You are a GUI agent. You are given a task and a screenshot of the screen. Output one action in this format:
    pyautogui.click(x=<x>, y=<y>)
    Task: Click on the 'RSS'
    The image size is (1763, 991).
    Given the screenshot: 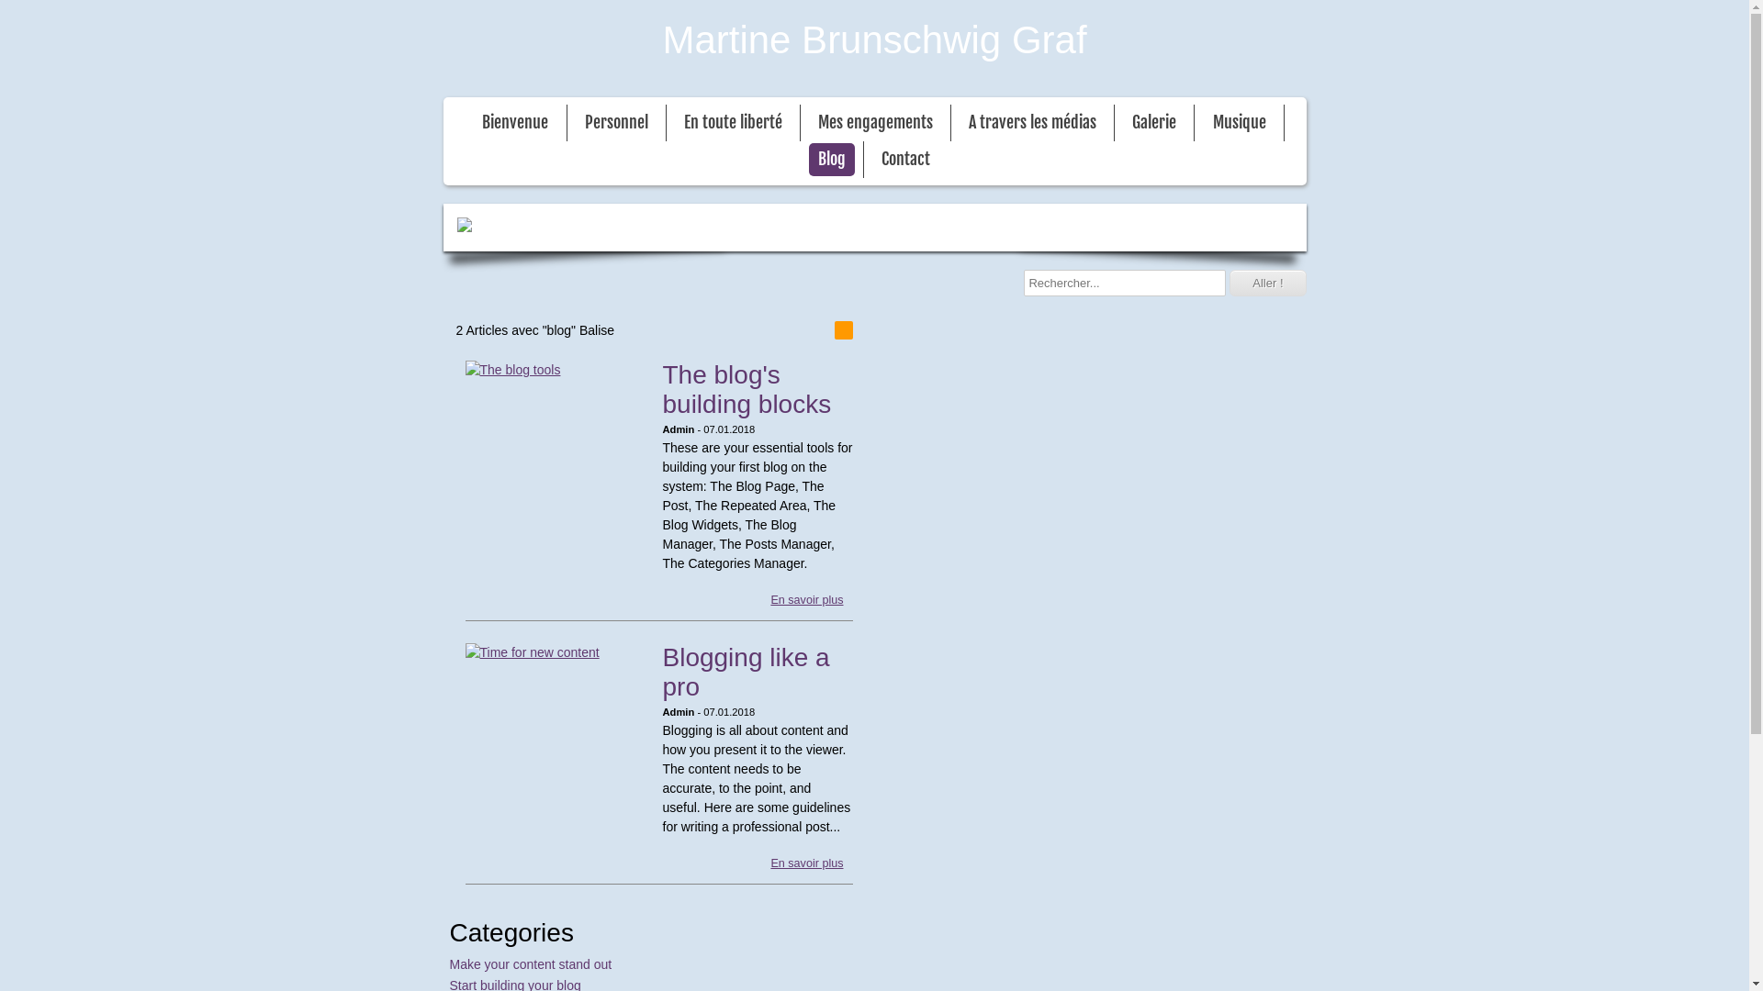 What is the action you would take?
    pyautogui.click(x=841, y=328)
    